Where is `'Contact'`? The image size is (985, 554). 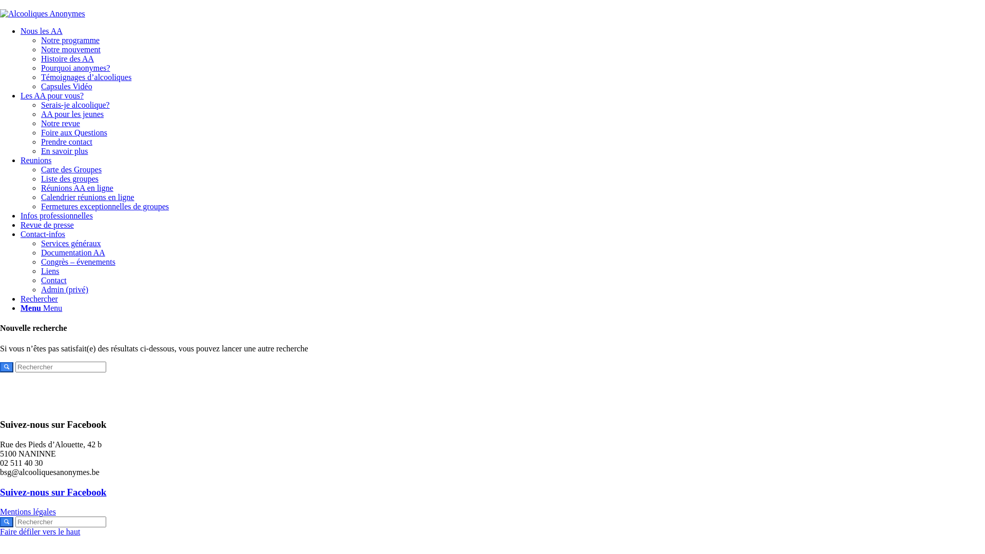 'Contact' is located at coordinates (53, 280).